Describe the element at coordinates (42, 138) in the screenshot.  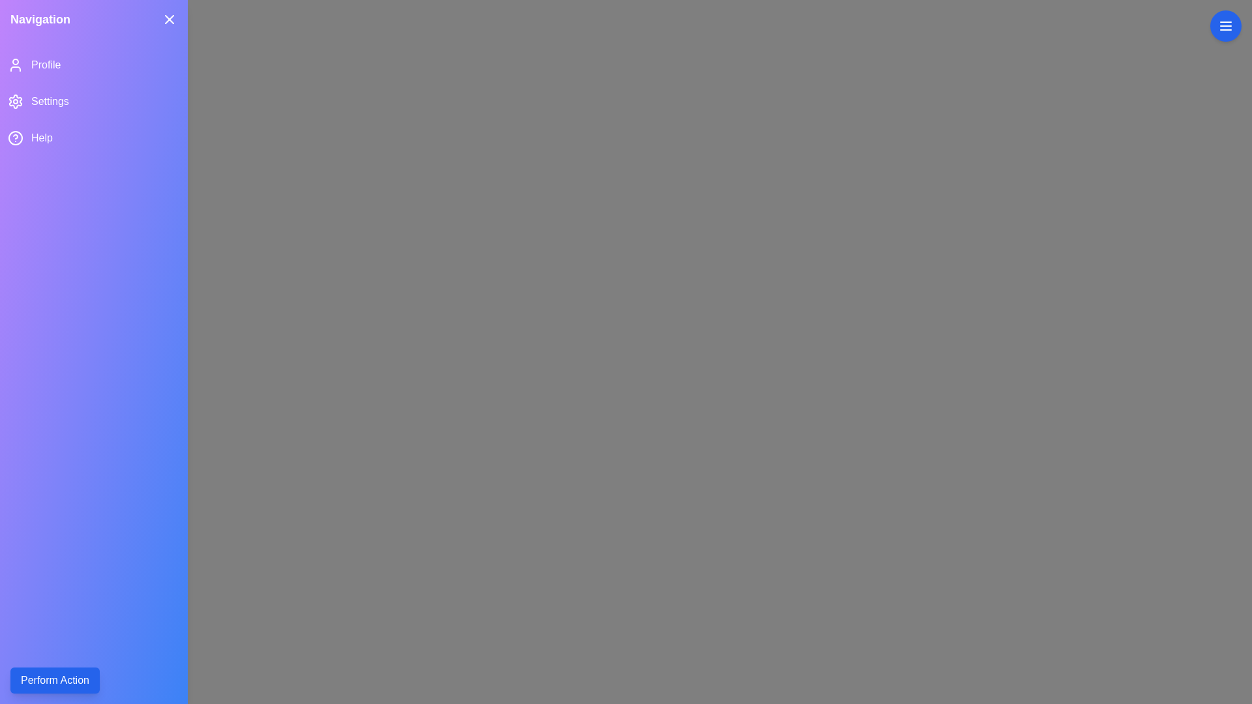
I see `'Help' text label located in the navigation panel beneath the 'Settings' item, which is styled in white font over a purple gradient background` at that location.